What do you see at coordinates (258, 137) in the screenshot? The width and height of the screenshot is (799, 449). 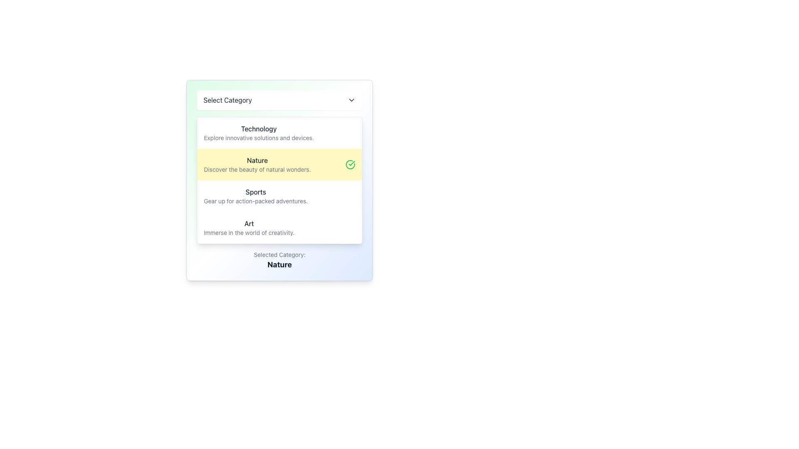 I see `the non-interactive Text Label that provides additional context for the category 'Technology', located directly below the heading 'Technology' in a dropdown menu` at bounding box center [258, 137].